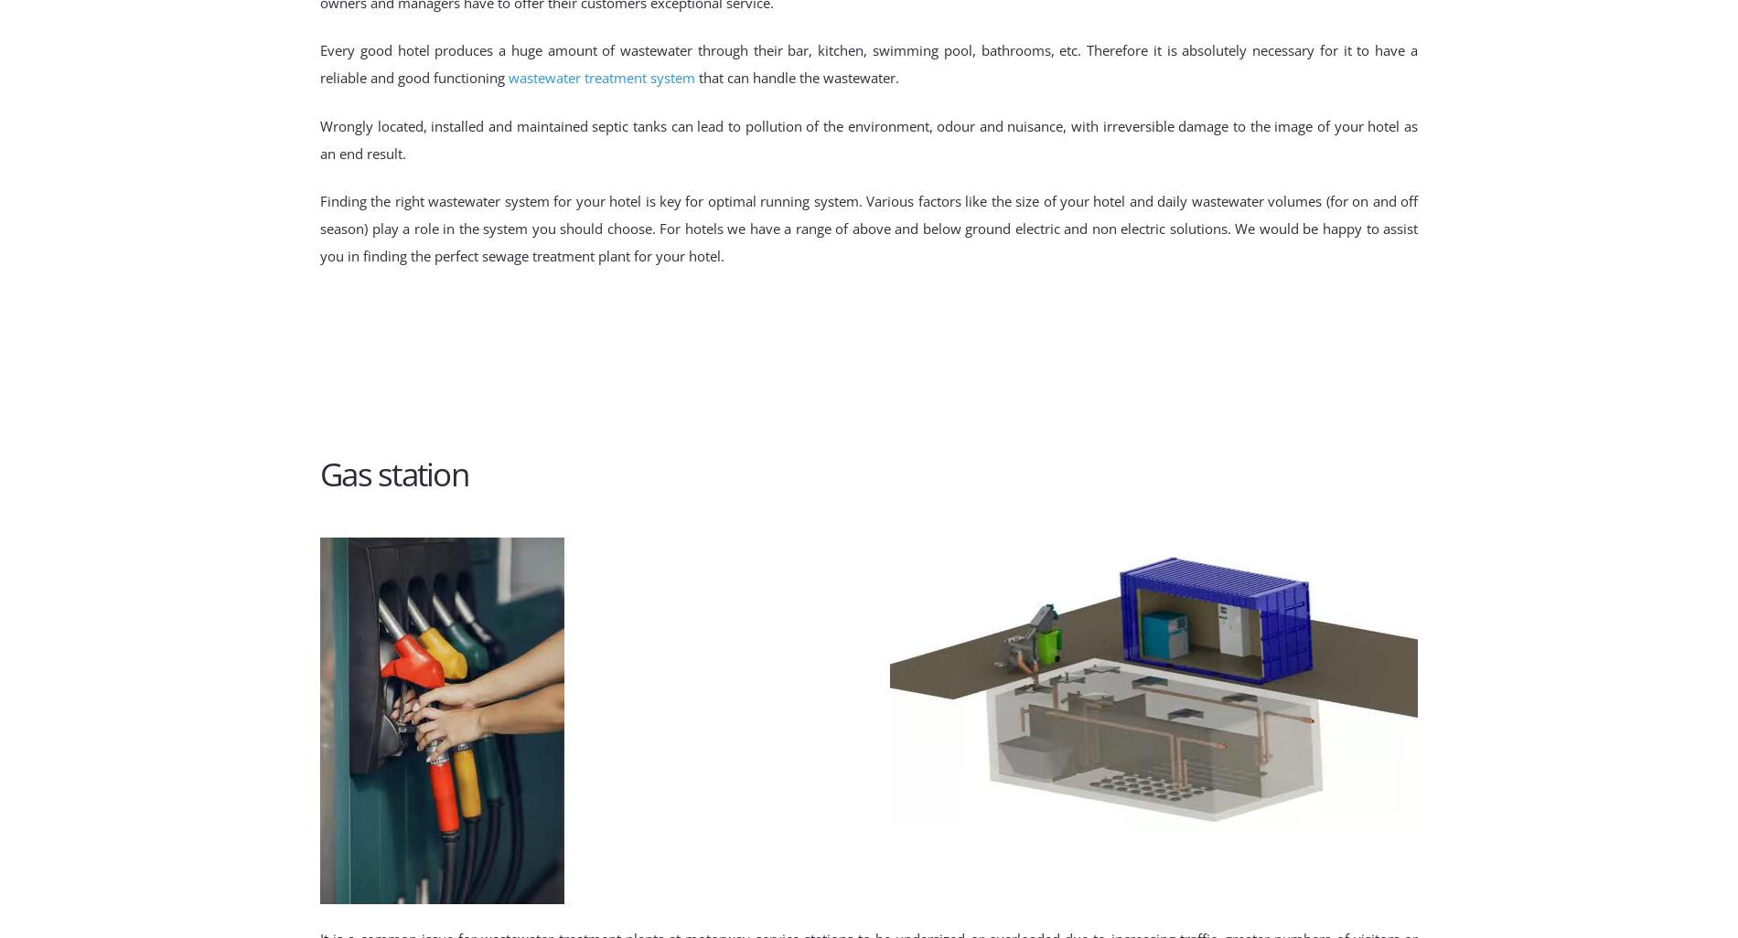  I want to click on 'Gas station', so click(392, 474).